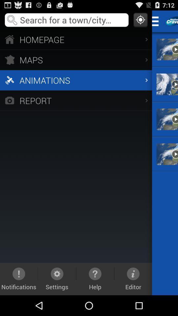 The image size is (178, 316). What do you see at coordinates (75, 80) in the screenshot?
I see `animations item` at bounding box center [75, 80].